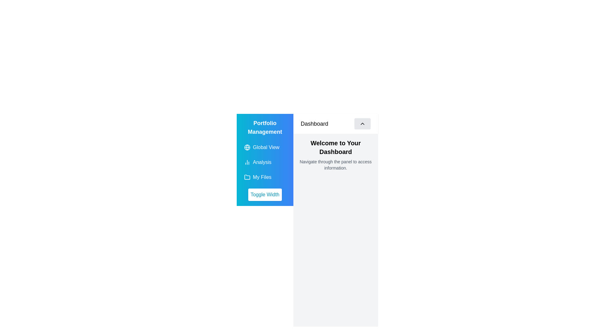 The width and height of the screenshot is (598, 336). I want to click on the 'Analysis' menu item in the vertical navigation menu for exploring analytics, so click(265, 162).